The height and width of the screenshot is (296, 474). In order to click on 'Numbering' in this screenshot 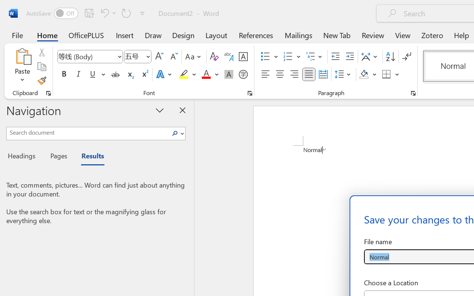, I will do `click(292, 57)`.